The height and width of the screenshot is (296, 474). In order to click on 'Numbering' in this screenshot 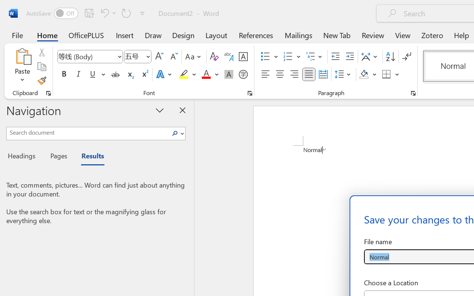, I will do `click(292, 57)`.